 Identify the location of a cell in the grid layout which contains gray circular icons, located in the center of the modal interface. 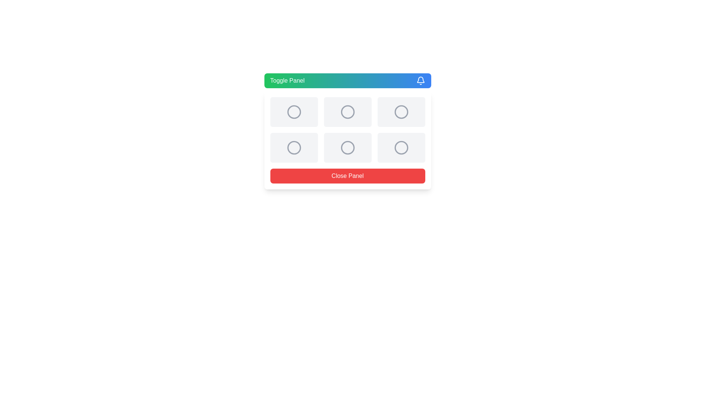
(347, 129).